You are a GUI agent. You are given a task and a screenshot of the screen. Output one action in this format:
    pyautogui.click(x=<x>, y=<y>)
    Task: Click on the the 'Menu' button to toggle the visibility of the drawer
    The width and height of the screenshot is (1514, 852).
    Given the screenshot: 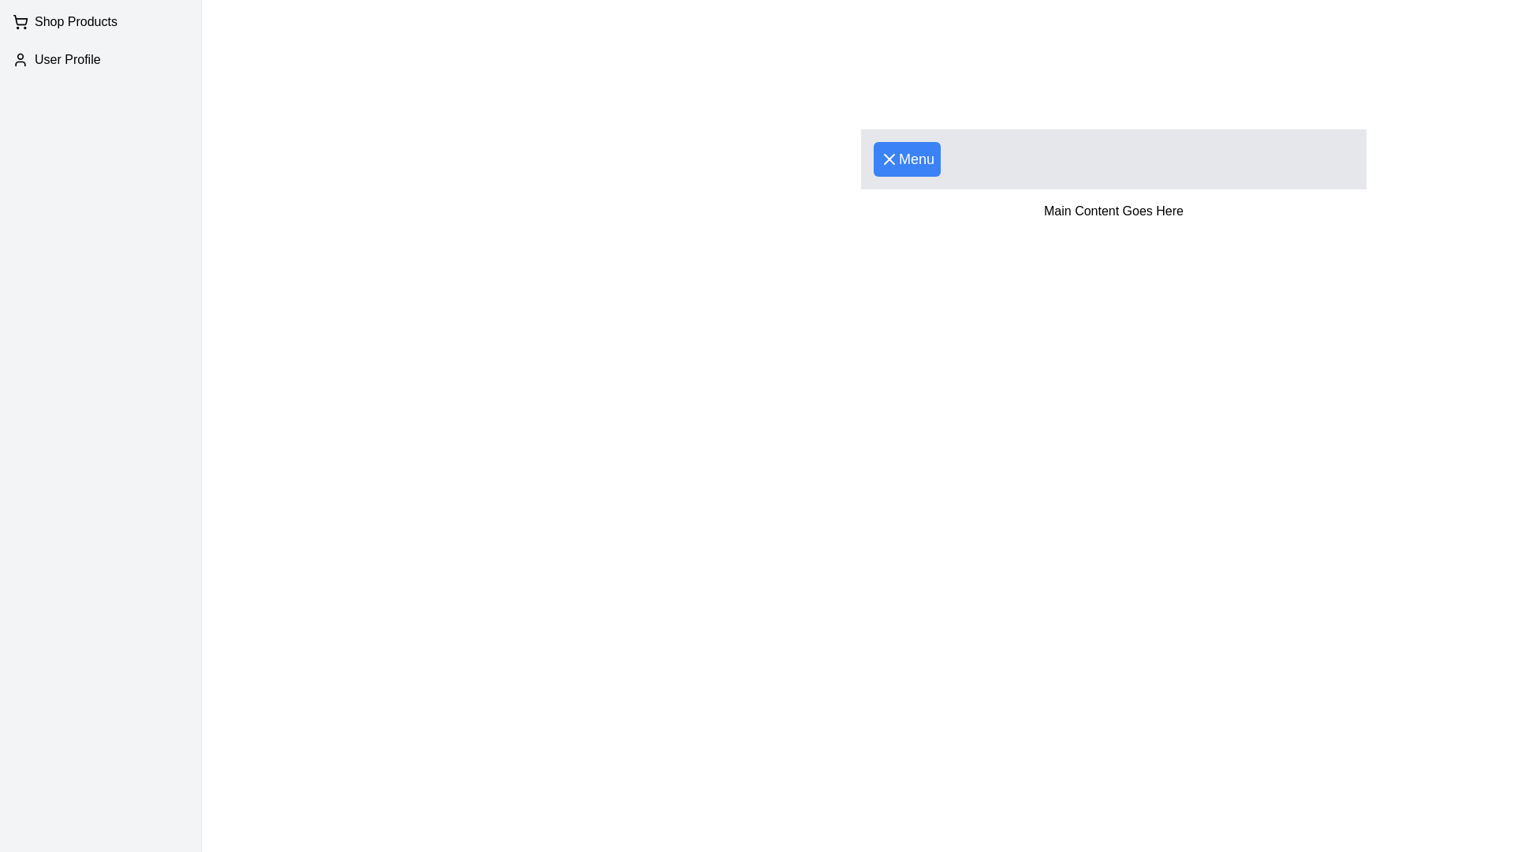 What is the action you would take?
    pyautogui.click(x=907, y=159)
    